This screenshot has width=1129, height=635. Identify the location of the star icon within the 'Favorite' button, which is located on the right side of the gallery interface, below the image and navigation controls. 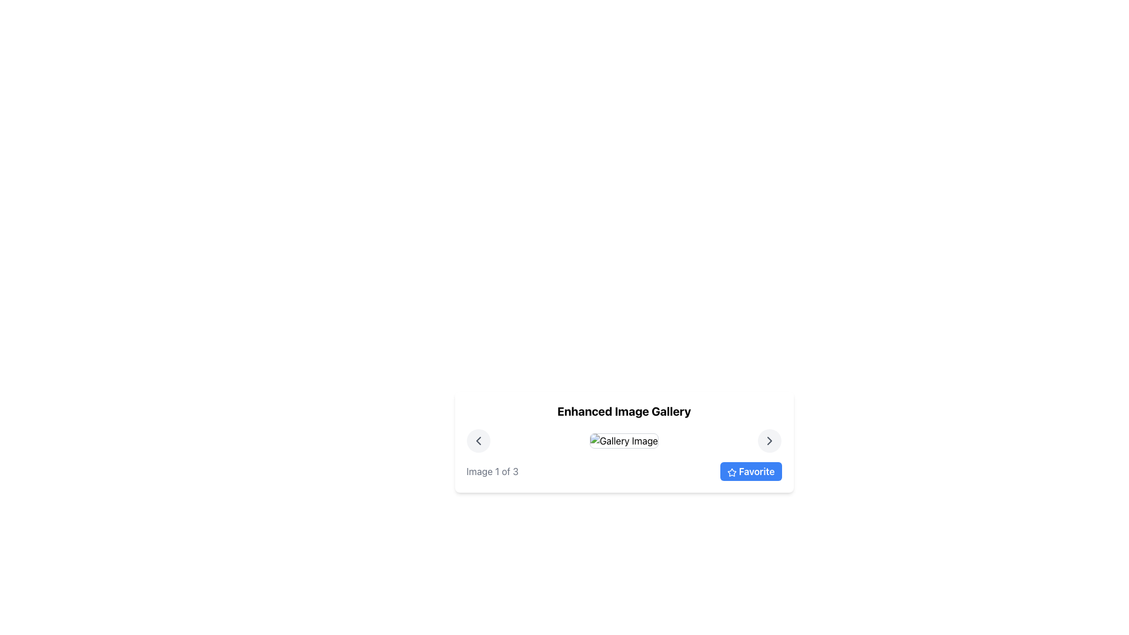
(731, 472).